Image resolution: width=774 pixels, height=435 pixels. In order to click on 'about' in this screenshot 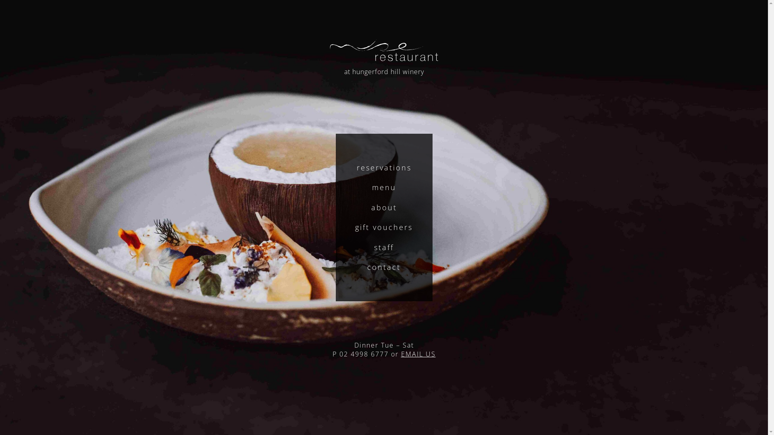, I will do `click(383, 207)`.